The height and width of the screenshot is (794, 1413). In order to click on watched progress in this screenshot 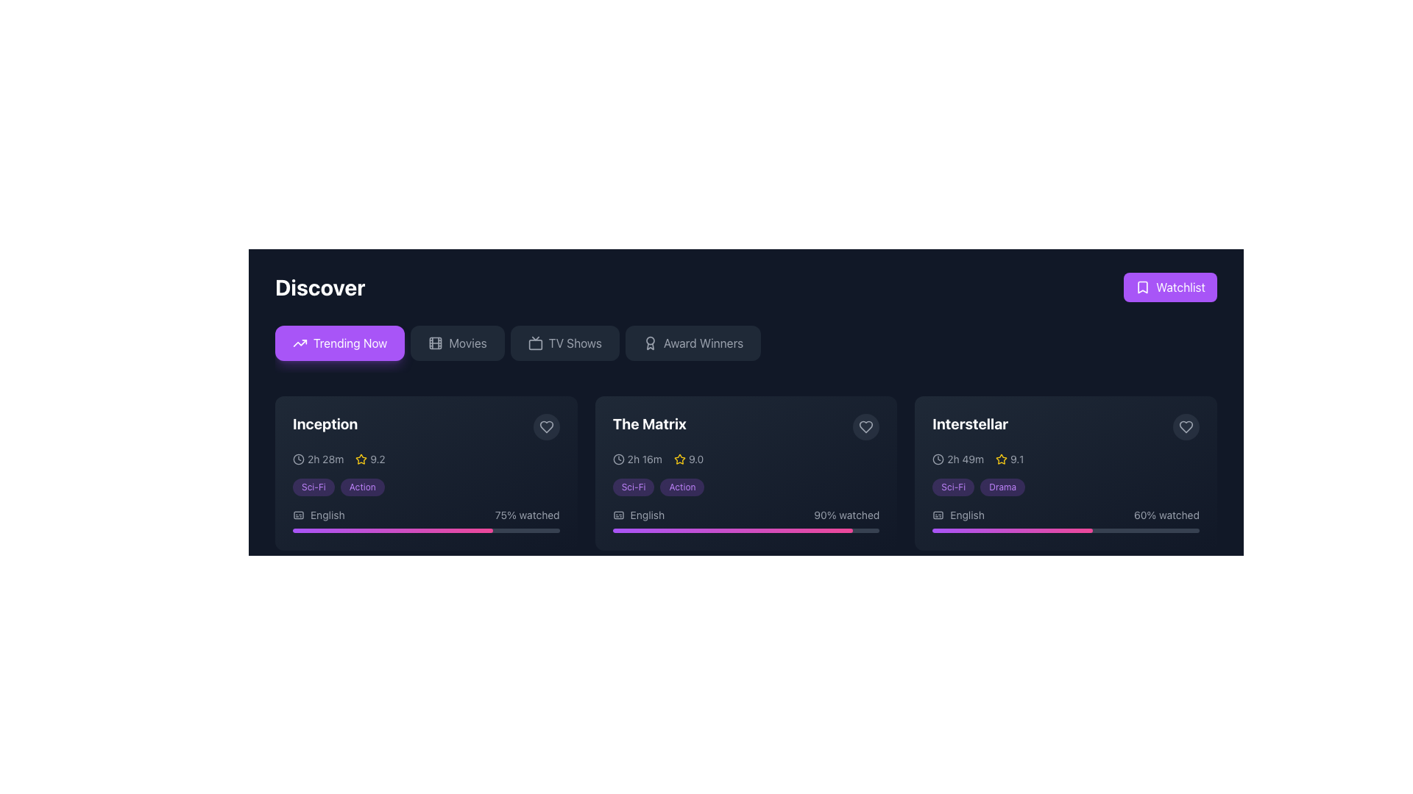, I will do `click(933, 530)`.